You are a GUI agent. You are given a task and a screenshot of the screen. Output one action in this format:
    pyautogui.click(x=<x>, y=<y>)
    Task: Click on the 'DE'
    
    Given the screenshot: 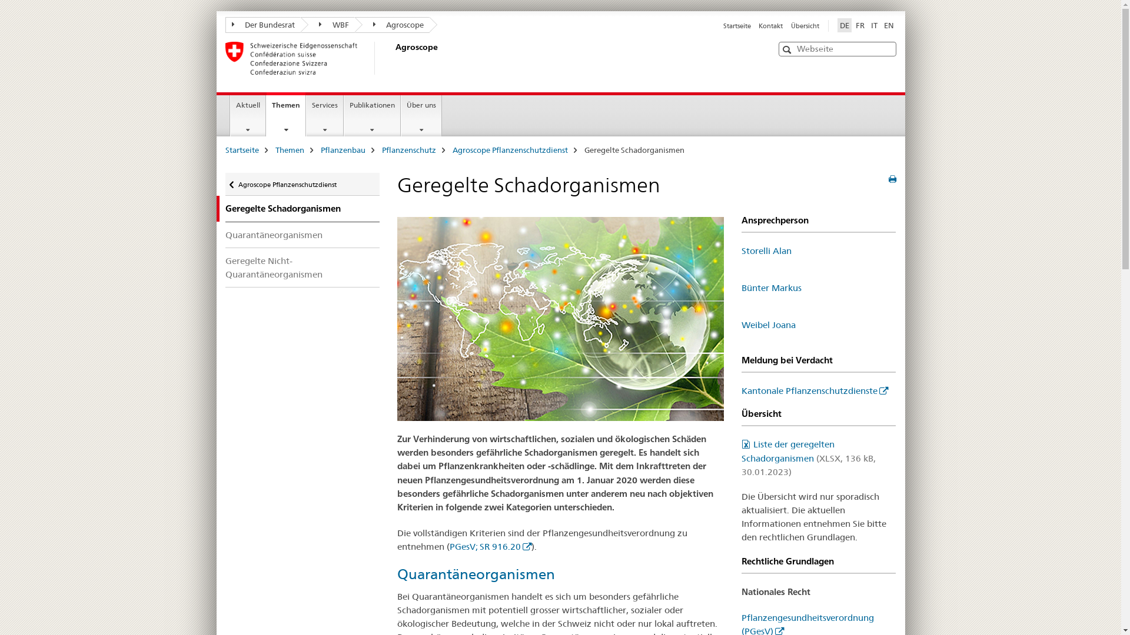 What is the action you would take?
    pyautogui.click(x=836, y=25)
    